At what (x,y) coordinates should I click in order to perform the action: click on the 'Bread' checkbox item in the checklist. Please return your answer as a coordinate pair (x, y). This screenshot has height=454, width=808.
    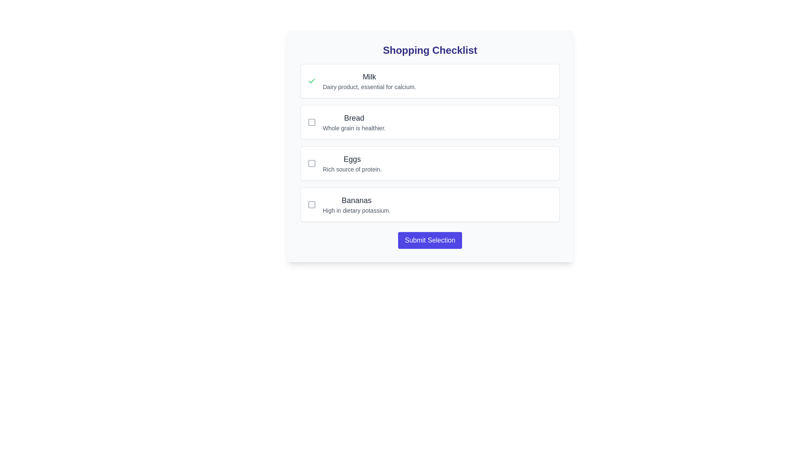
    Looking at the image, I should click on (430, 122).